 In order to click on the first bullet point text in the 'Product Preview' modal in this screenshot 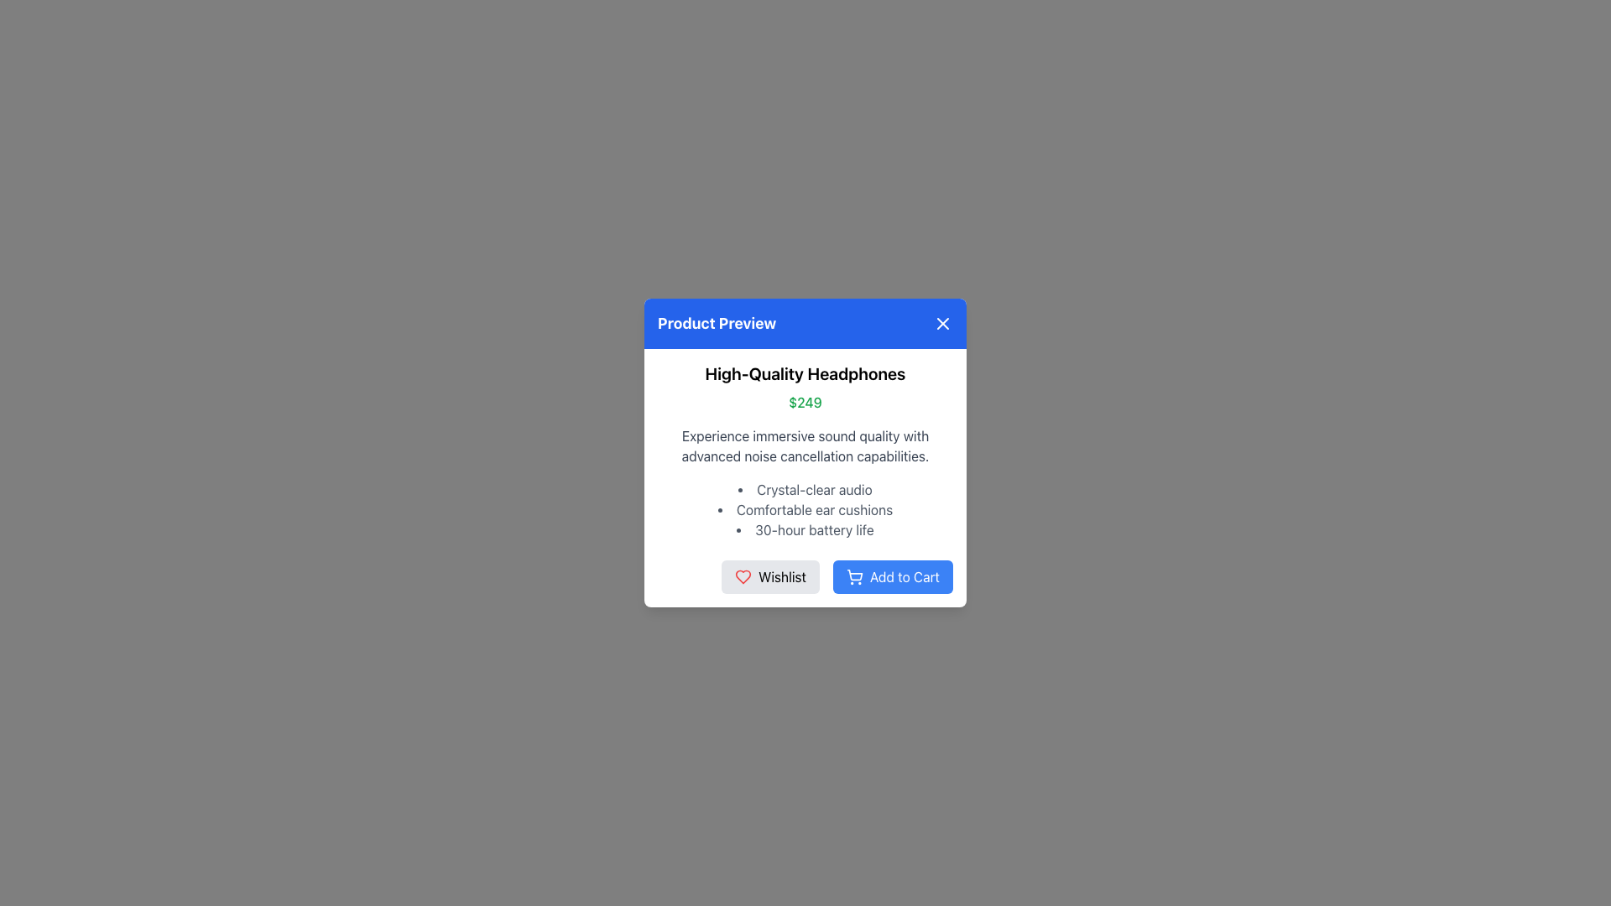, I will do `click(805, 489)`.